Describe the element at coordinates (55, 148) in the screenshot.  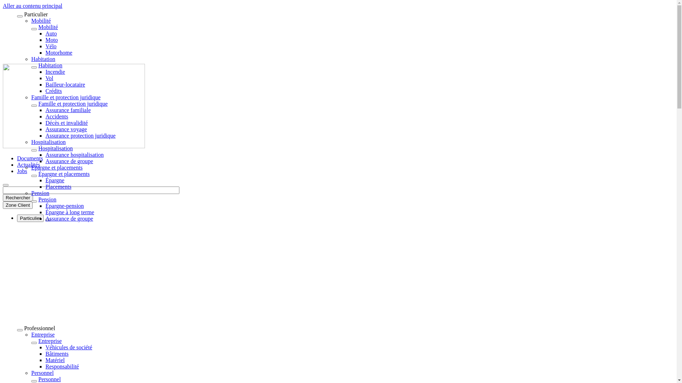
I see `'Hospitalisation'` at that location.